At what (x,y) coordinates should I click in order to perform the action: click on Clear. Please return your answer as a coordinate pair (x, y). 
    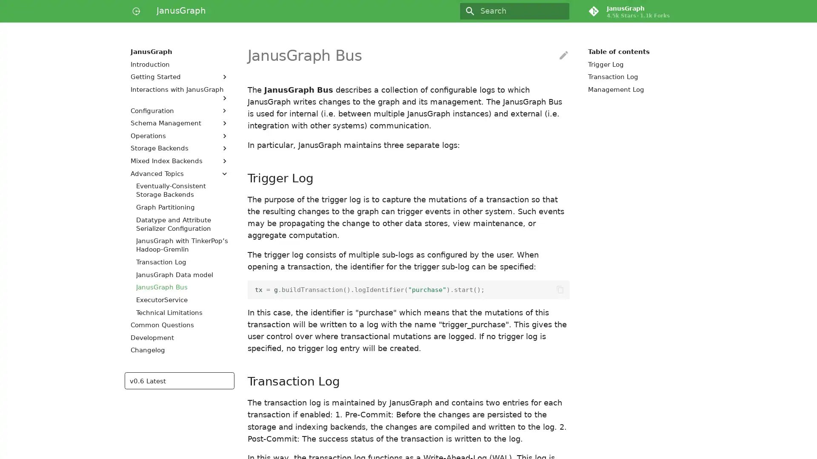
    Looking at the image, I should click on (559, 11).